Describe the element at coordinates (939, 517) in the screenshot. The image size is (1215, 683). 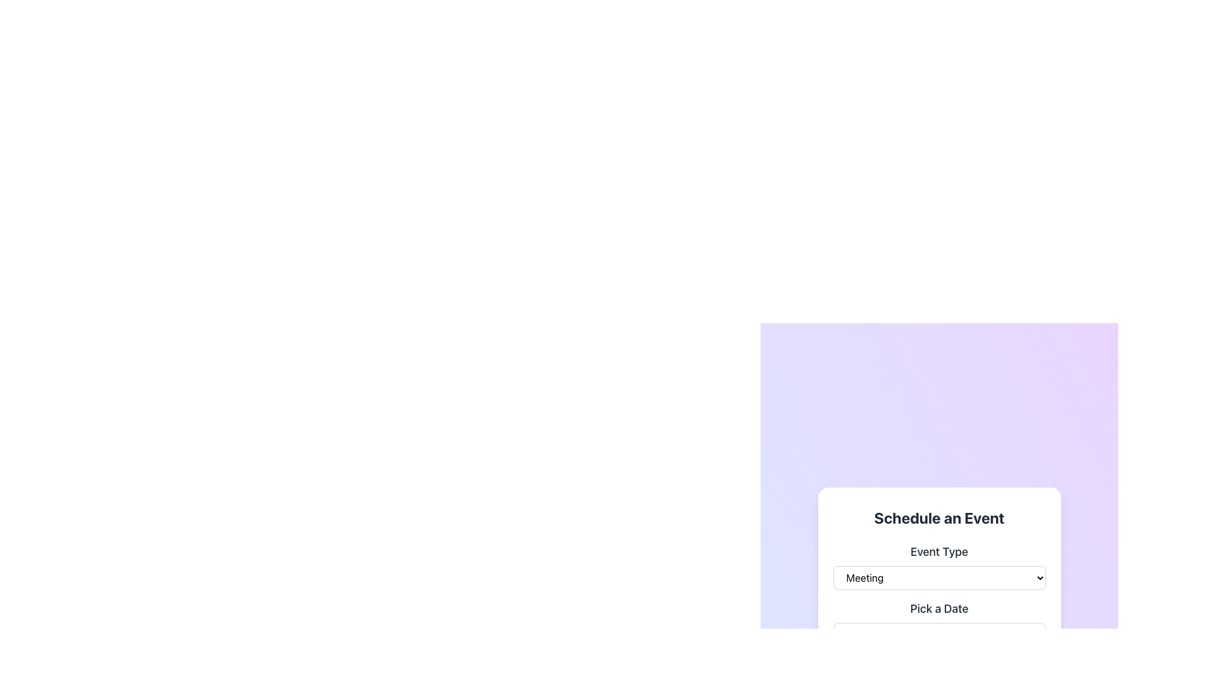
I see `the text label header that introduces the event scheduler panel, positioned above the 'Event Type' dropdown section` at that location.